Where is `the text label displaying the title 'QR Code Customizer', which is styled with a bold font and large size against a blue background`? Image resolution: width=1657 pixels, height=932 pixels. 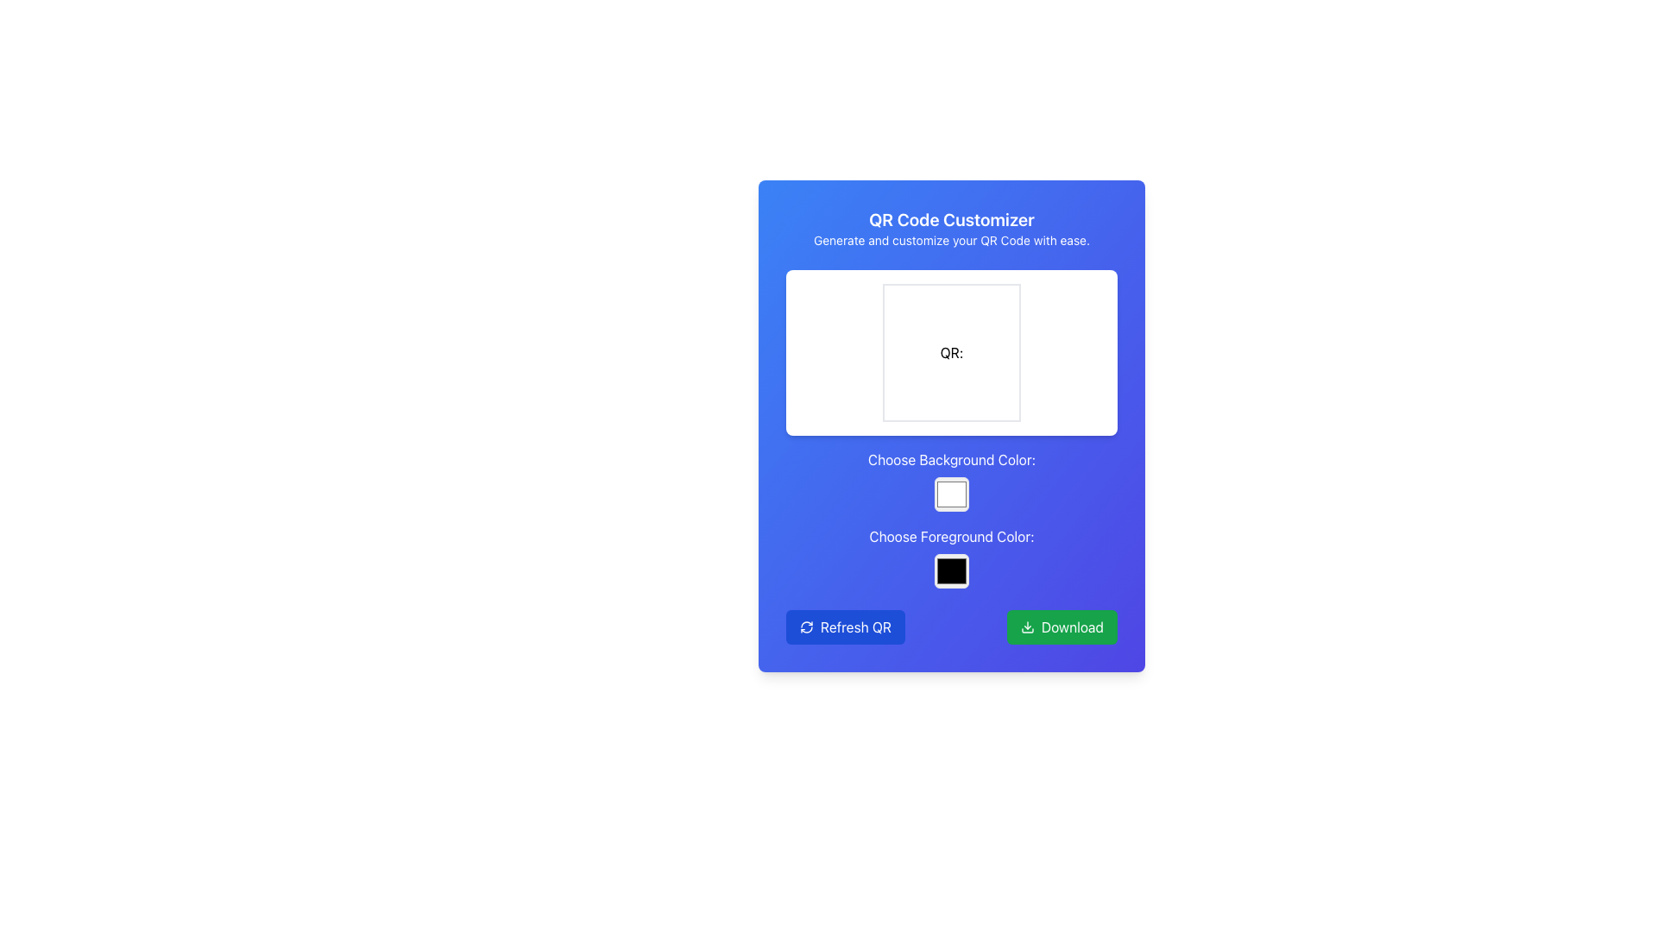 the text label displaying the title 'QR Code Customizer', which is styled with a bold font and large size against a blue background is located at coordinates (951, 218).